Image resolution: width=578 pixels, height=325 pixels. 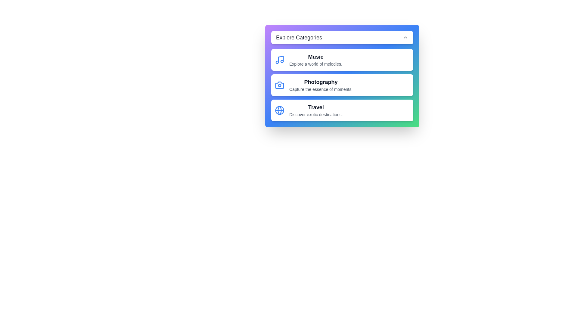 What do you see at coordinates (342, 37) in the screenshot?
I see `the 'Explore Categories' button to toggle the menu visibility` at bounding box center [342, 37].